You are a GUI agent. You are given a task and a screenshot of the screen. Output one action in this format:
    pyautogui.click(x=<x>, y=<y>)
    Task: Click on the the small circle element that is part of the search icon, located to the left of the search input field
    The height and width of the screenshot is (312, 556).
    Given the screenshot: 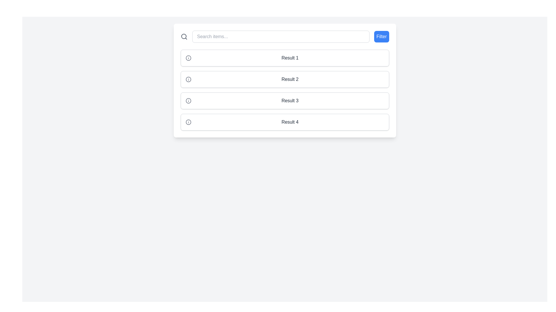 What is the action you would take?
    pyautogui.click(x=183, y=36)
    